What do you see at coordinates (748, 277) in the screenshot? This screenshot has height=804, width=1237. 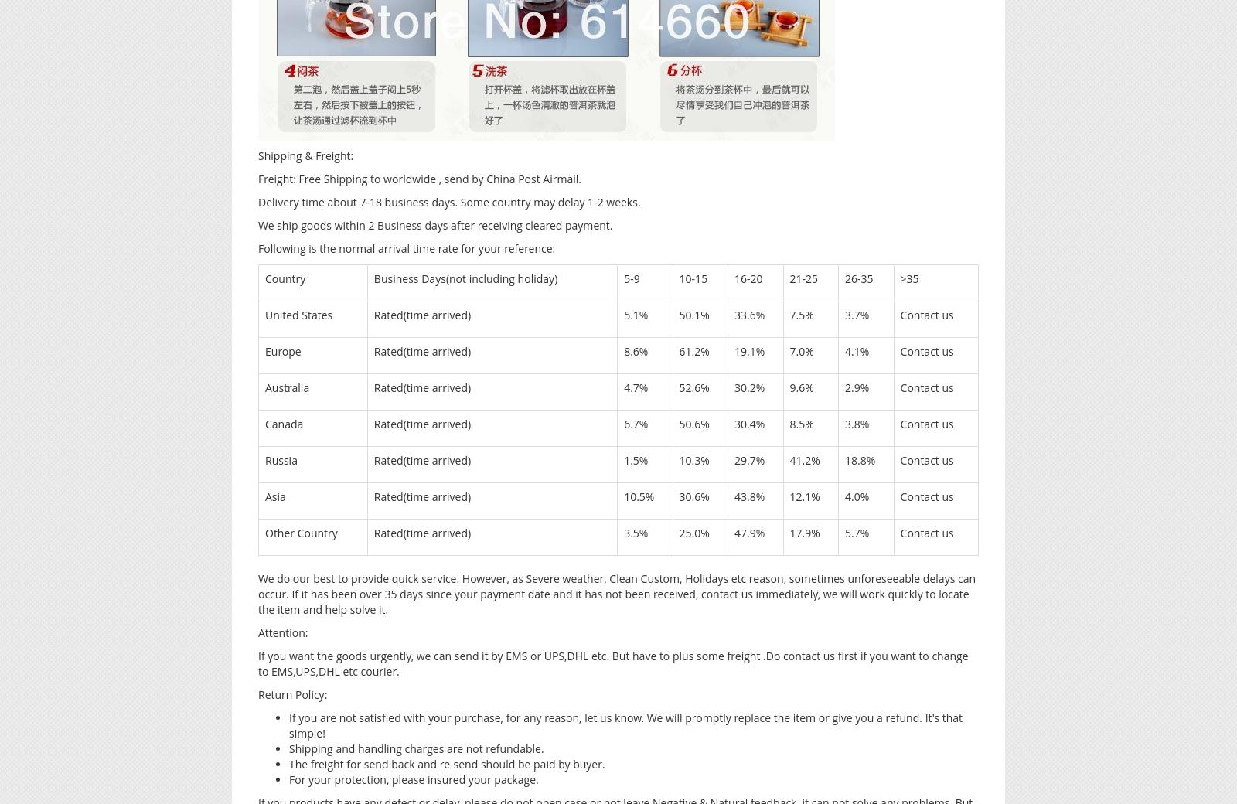 I see `'16-20'` at bounding box center [748, 277].